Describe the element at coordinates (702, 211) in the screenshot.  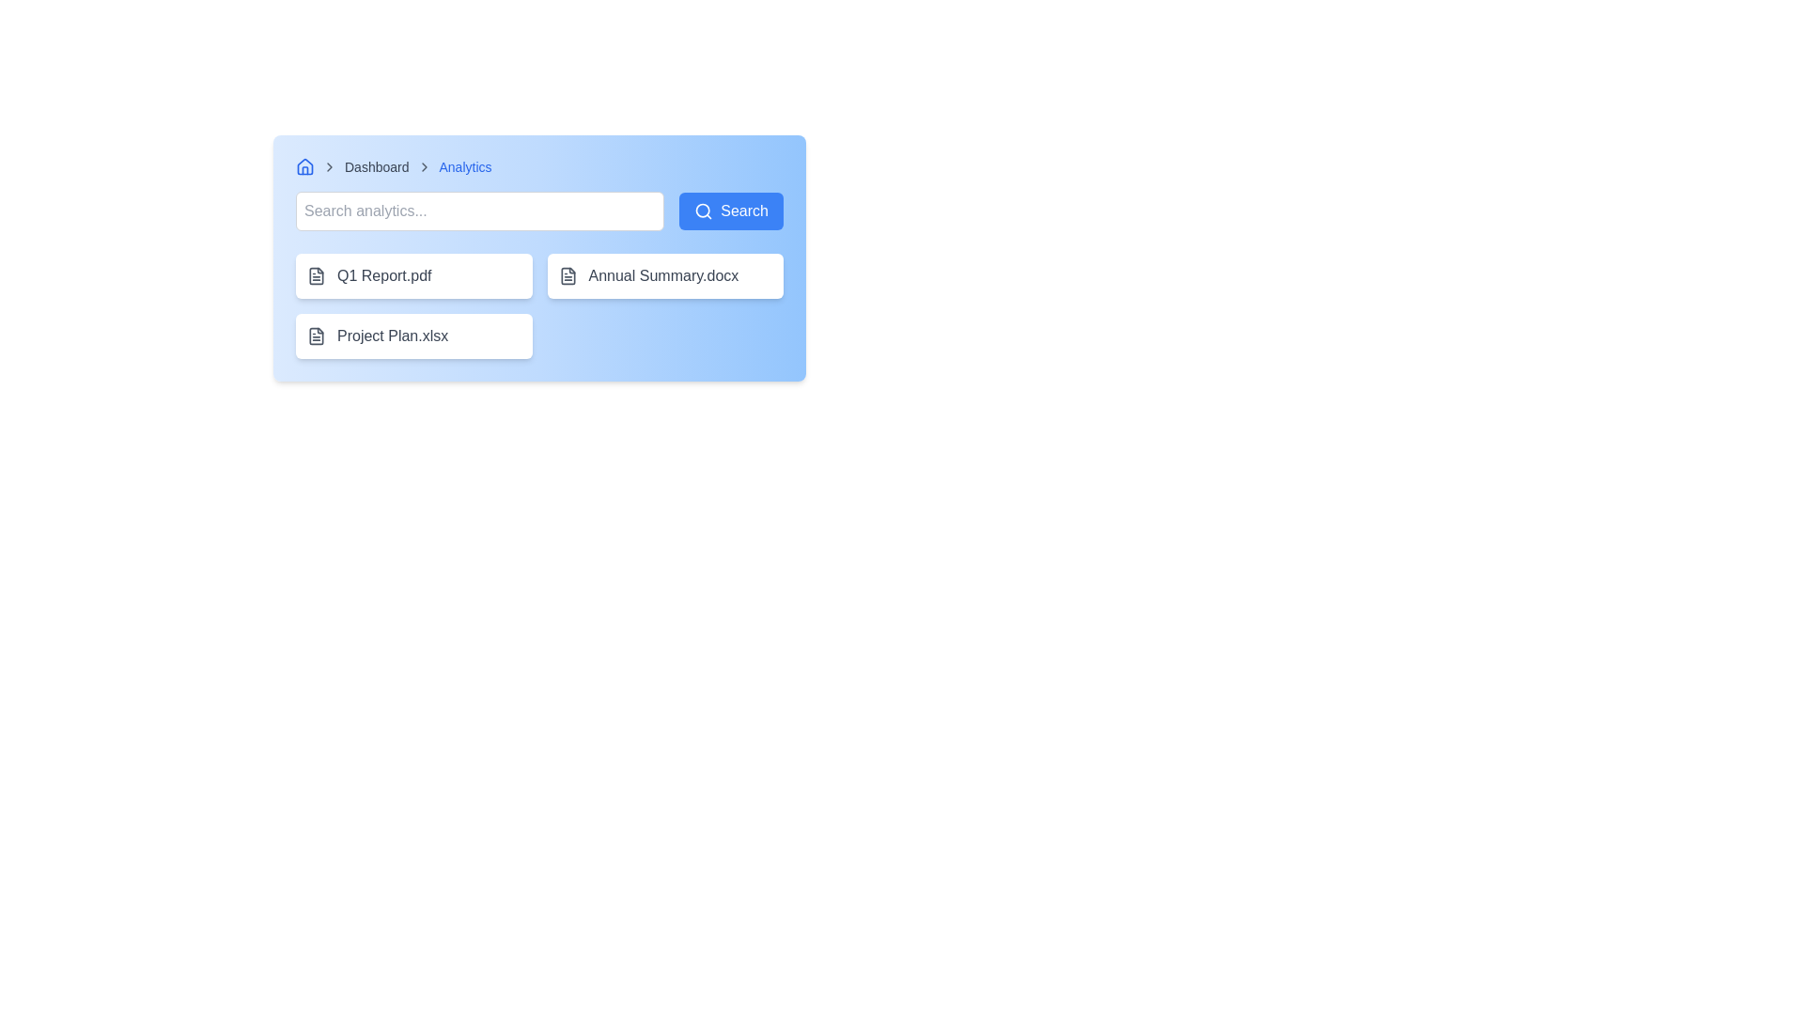
I see `the circular part of the magnifying glass icon representing the search feature located at the top-right corner of the interface` at that location.